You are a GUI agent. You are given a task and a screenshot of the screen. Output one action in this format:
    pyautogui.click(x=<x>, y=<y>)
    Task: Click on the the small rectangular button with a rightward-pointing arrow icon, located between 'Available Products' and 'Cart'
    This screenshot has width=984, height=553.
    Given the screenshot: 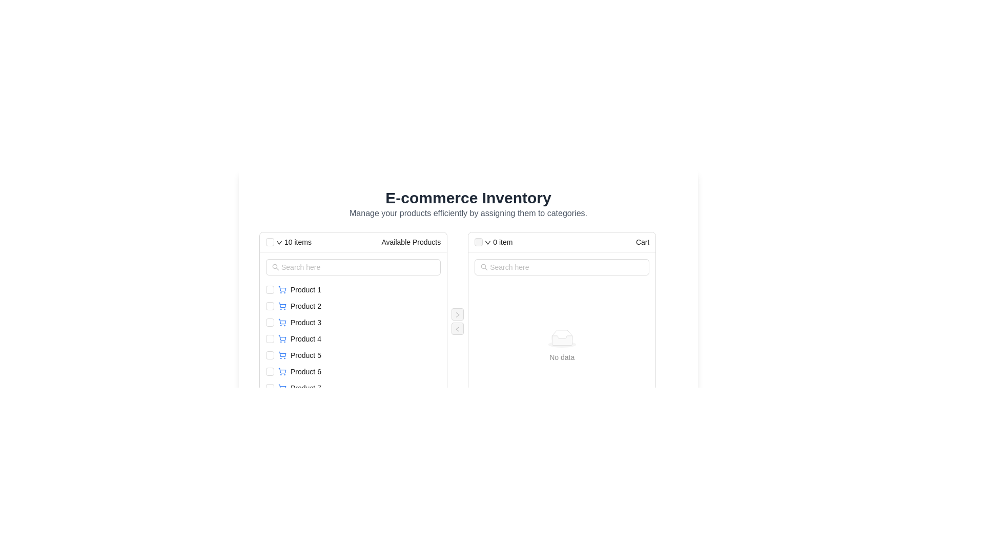 What is the action you would take?
    pyautogui.click(x=457, y=313)
    